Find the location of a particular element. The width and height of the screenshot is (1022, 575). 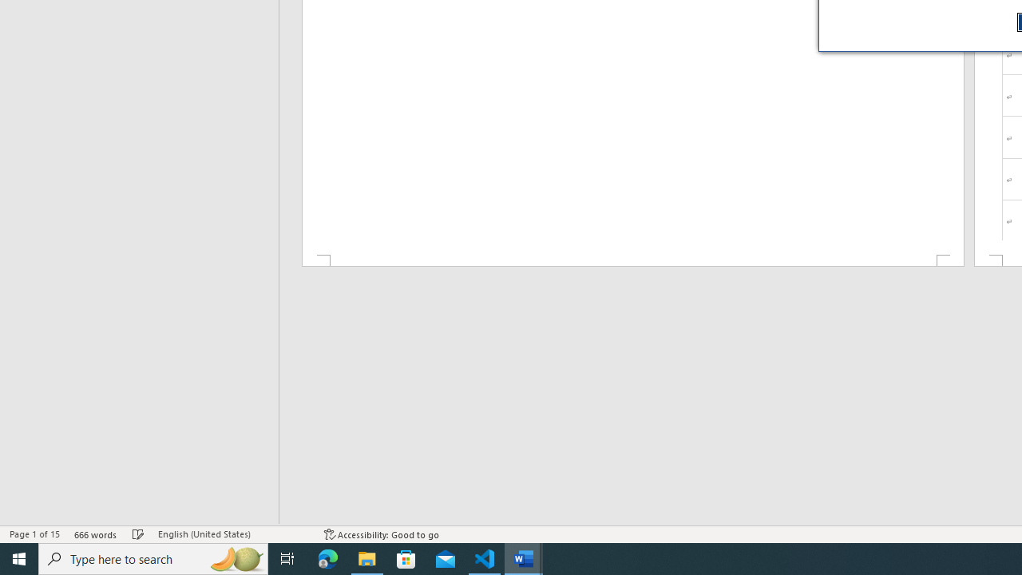

'Microsoft Edge' is located at coordinates (327, 557).